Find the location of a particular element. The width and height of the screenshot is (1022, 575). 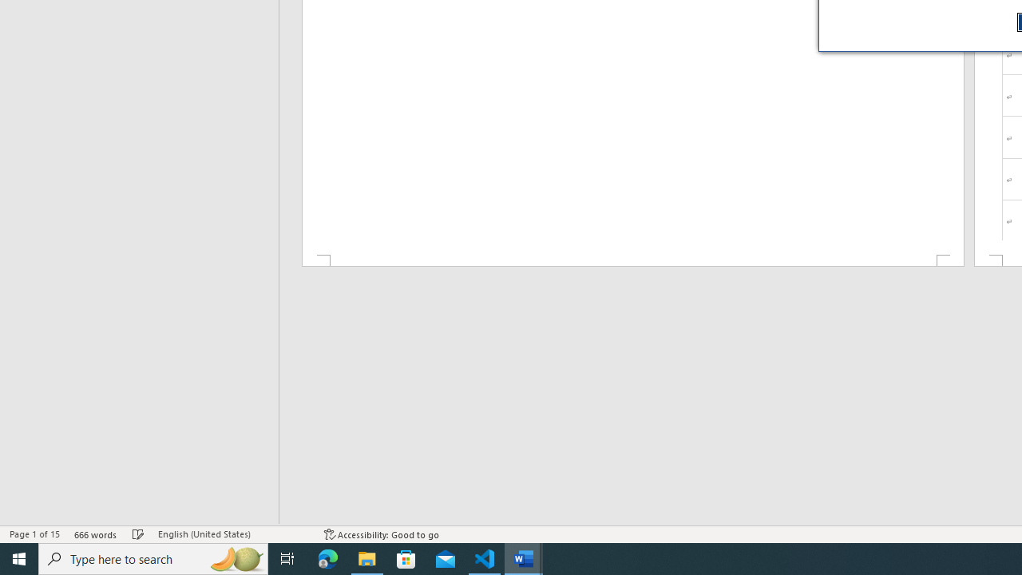

'Microsoft Edge' is located at coordinates (327, 557).